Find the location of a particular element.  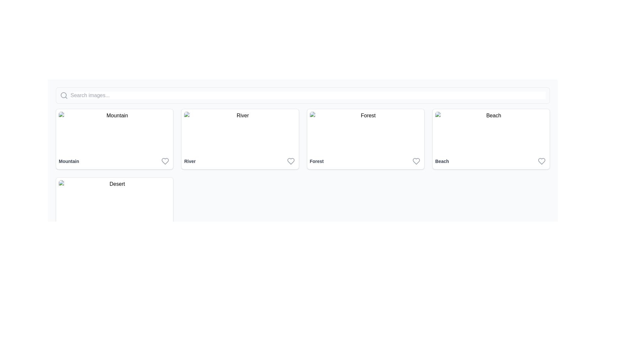

the image component representing the 'River' category is located at coordinates (240, 132).